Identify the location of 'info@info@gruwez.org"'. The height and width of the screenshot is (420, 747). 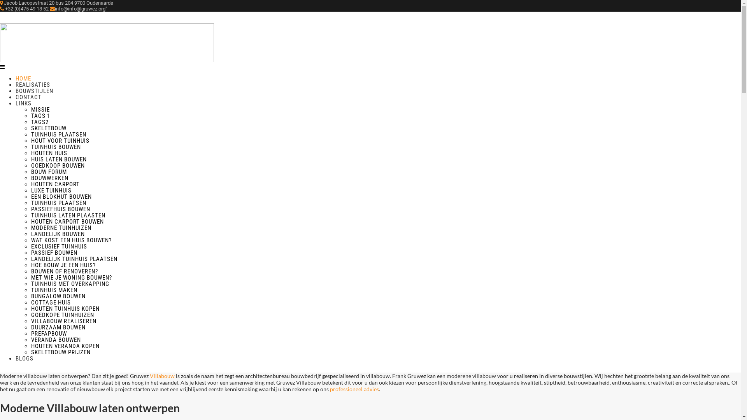
(78, 9).